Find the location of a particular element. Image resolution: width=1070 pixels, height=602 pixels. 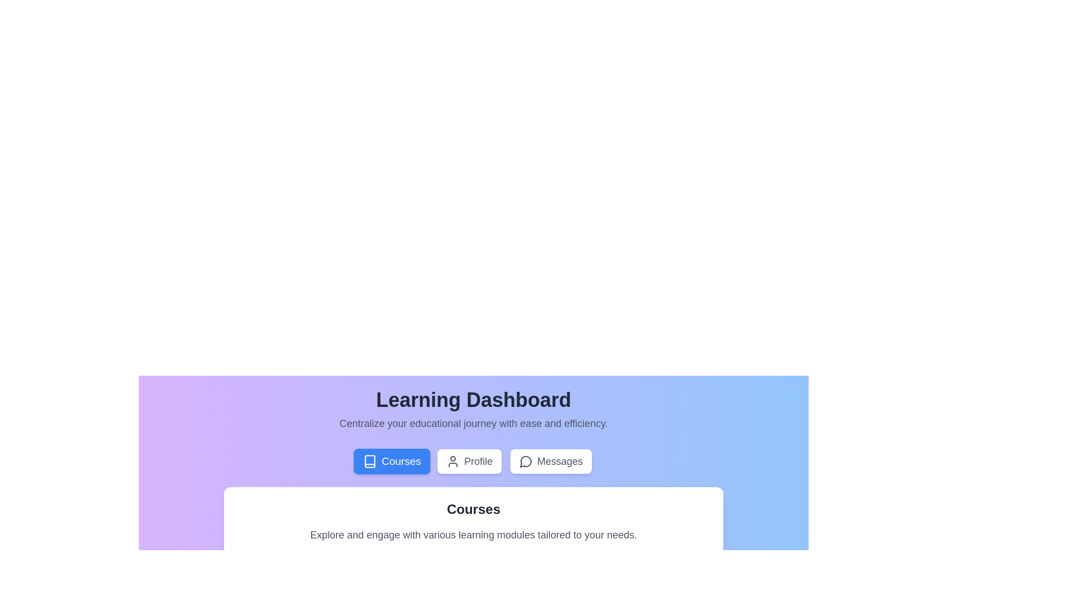

the Profile tab to switch to its content is located at coordinates (469, 462).